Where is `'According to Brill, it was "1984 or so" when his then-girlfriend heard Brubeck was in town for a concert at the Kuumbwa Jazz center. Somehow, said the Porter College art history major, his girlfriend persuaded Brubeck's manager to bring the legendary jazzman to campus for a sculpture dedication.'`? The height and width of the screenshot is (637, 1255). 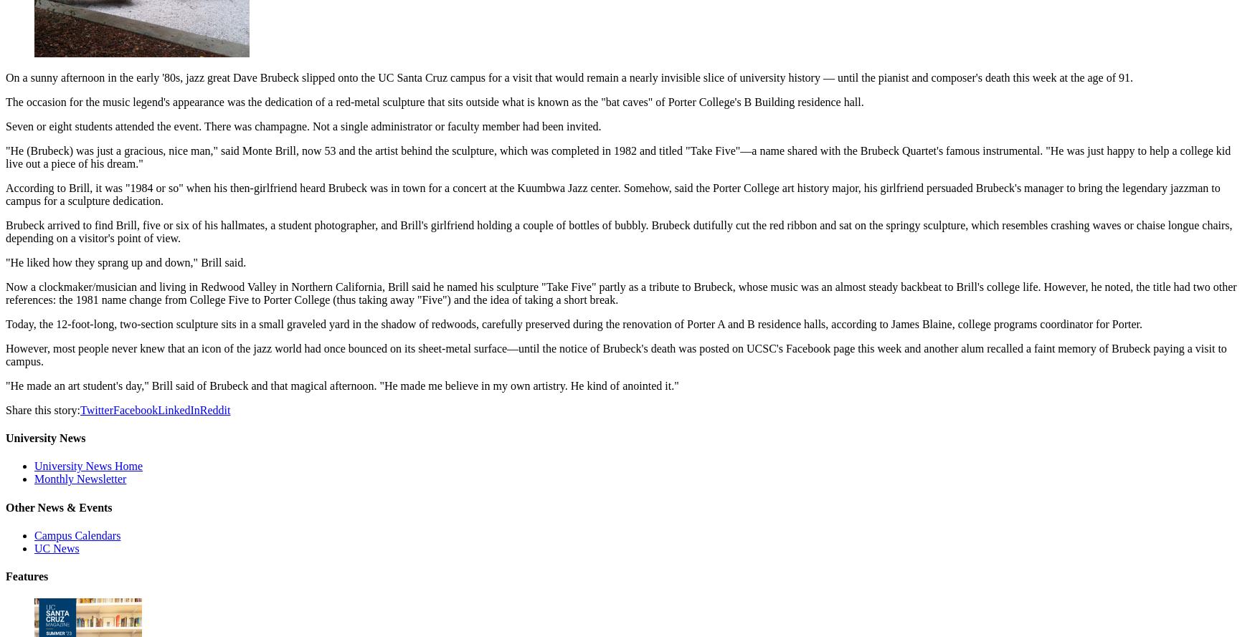
'According to Brill, it was "1984 or so" when his then-girlfriend heard Brubeck was in town for a concert at the Kuumbwa Jazz center. Somehow, said the Porter College art history major, his girlfriend persuaded Brubeck's manager to bring the legendary jazzman to campus for a sculpture dedication.' is located at coordinates (612, 193).